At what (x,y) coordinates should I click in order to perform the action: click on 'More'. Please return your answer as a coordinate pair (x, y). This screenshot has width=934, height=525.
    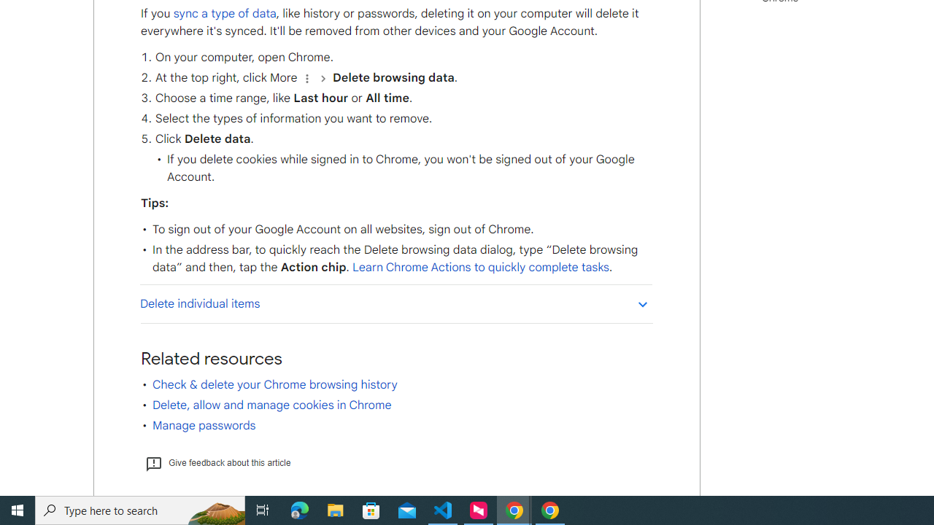
    Looking at the image, I should click on (306, 78).